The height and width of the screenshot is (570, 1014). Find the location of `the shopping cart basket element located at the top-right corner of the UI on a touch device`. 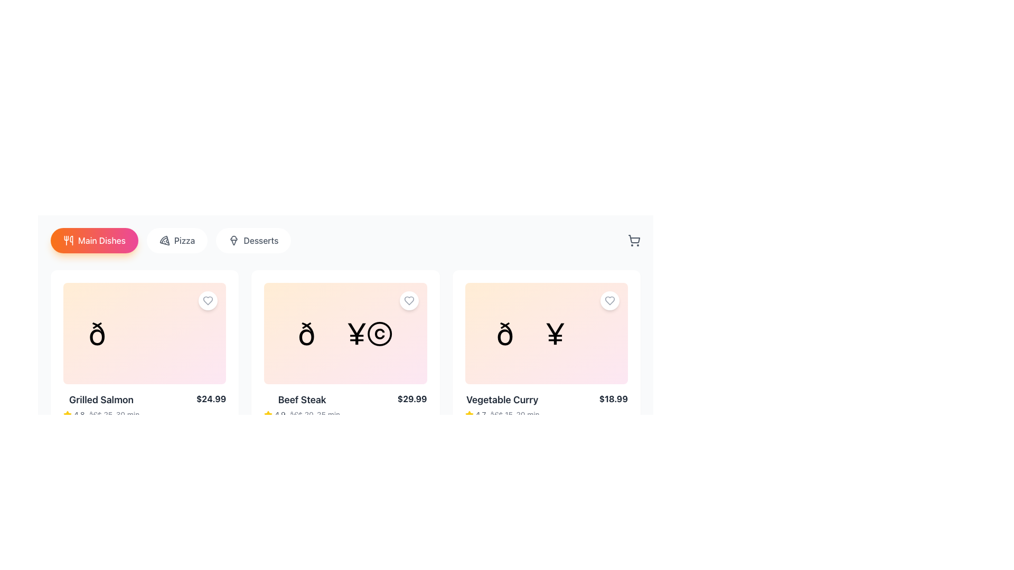

the shopping cart basket element located at the top-right corner of the UI on a touch device is located at coordinates (634, 239).